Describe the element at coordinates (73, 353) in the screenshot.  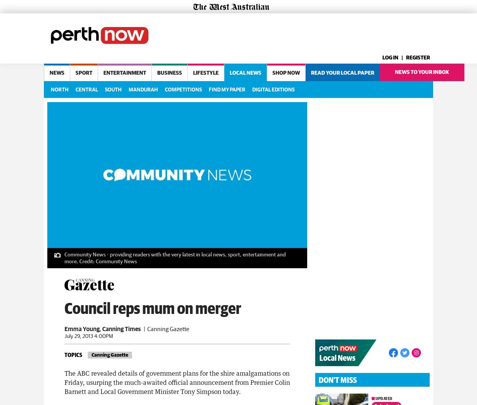
I see `'Topics'` at that location.